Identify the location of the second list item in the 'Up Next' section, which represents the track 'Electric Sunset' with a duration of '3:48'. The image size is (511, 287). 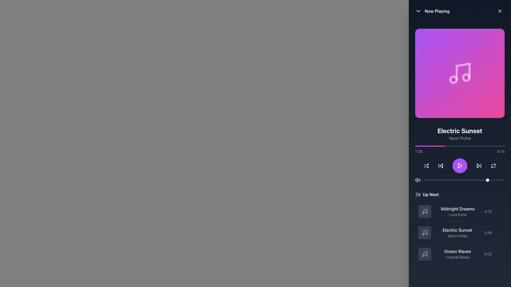
(460, 232).